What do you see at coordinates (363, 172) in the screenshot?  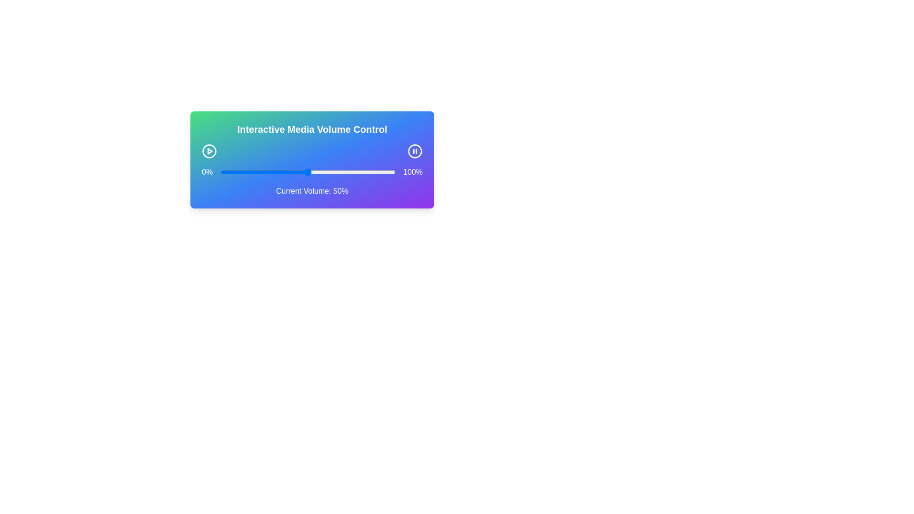 I see `the volume slider to 82%` at bounding box center [363, 172].